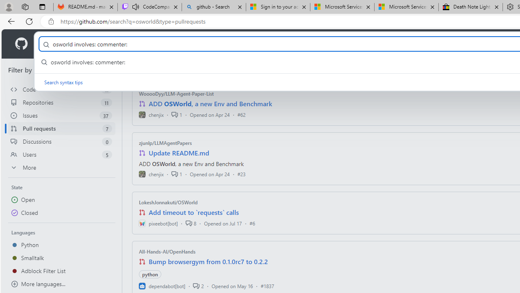 The width and height of the screenshot is (520, 293). I want to click on 'zjunlp/LLMAgentPapers', so click(165, 142).